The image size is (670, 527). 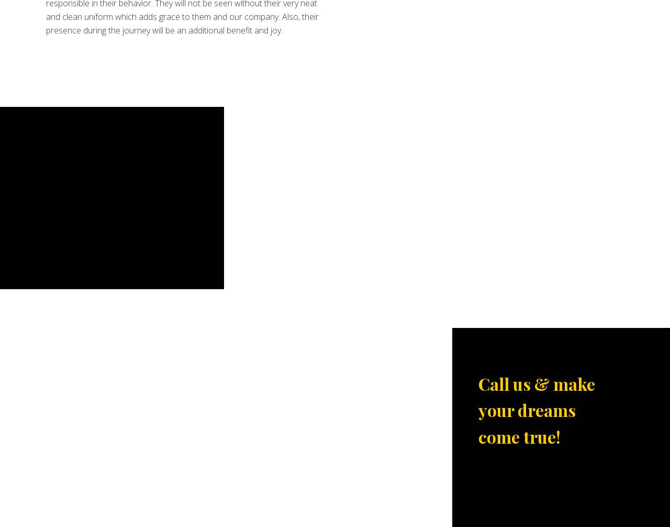 I want to click on 'Titanium Prom Party Bus Service is known for its professionalism and our rentals are mostly already booked. Call us now to get the details.', so click(x=544, y=197).